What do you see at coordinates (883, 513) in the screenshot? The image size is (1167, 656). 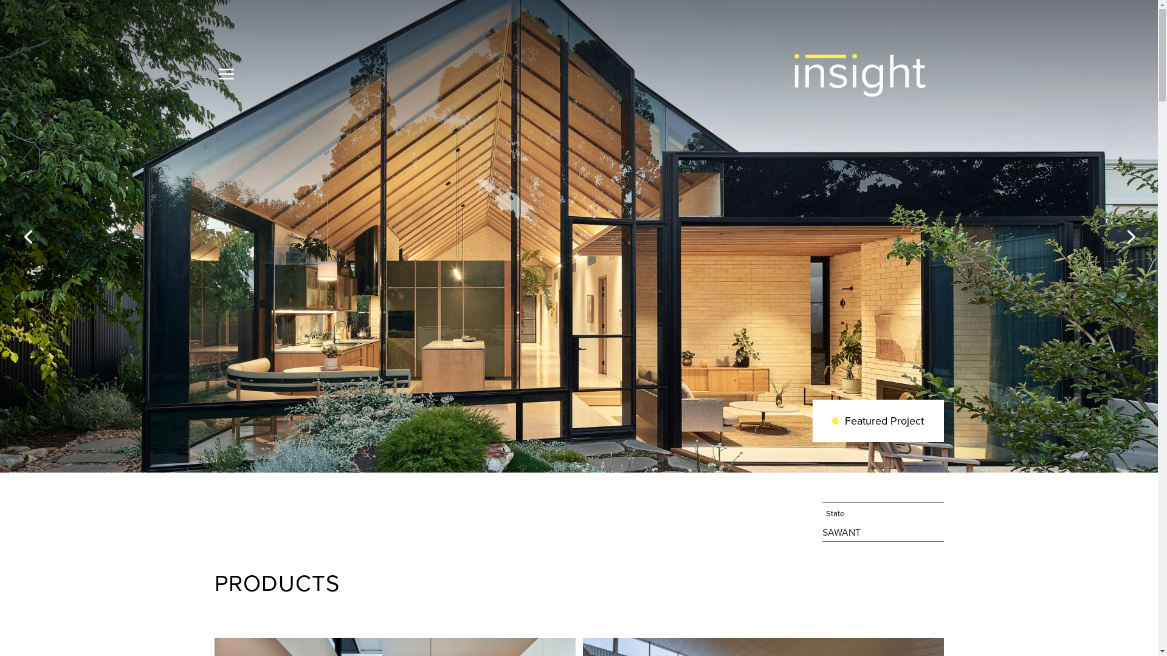 I see `'State'` at bounding box center [883, 513].